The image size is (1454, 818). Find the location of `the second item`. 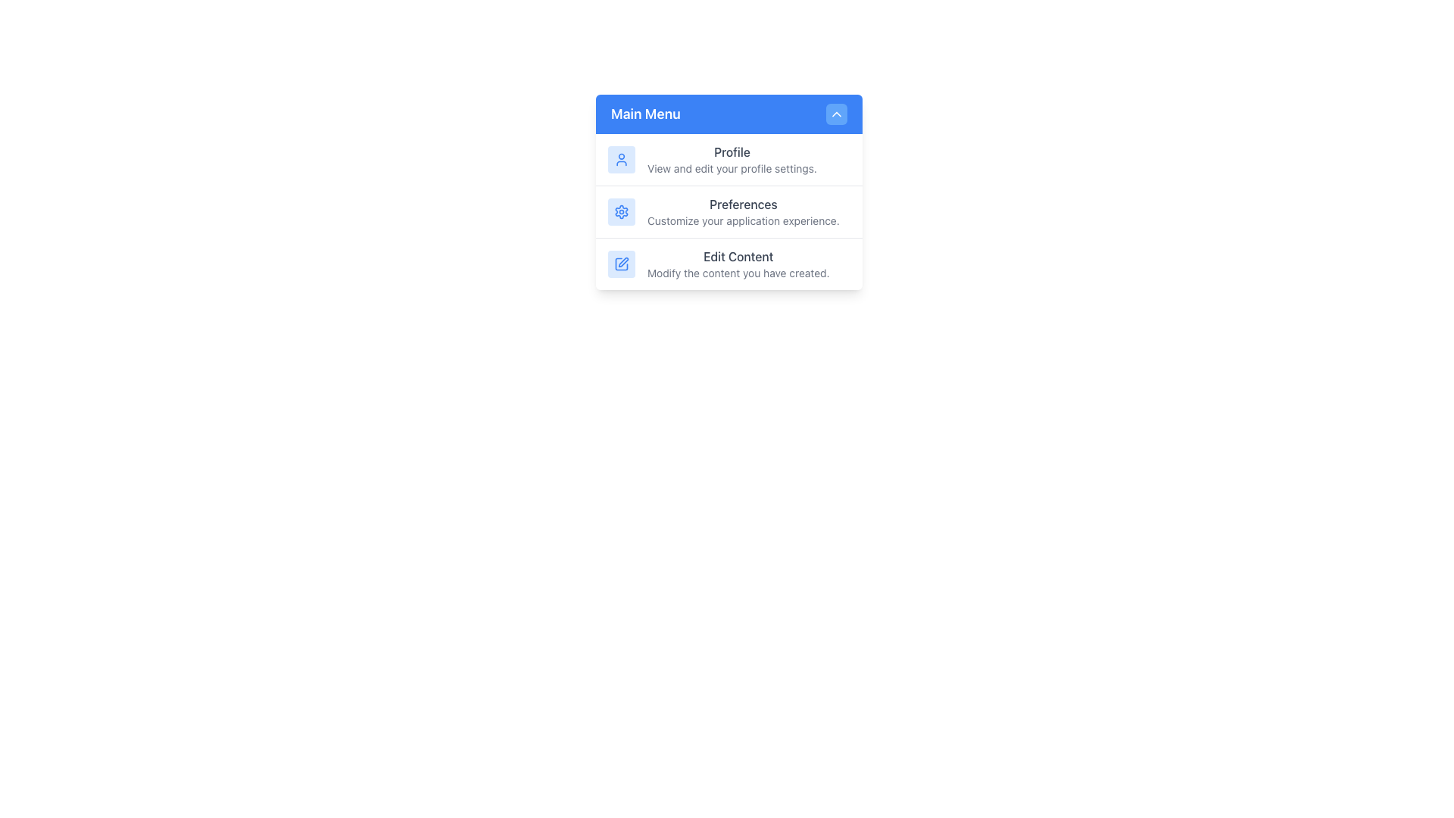

the second item is located at coordinates (729, 211).